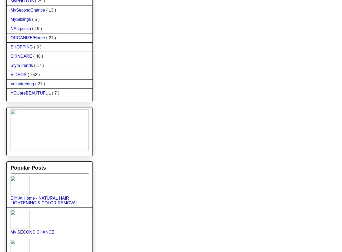 Image resolution: width=342 pixels, height=252 pixels. What do you see at coordinates (22, 65) in the screenshot?
I see `'StyleTrends'` at bounding box center [22, 65].